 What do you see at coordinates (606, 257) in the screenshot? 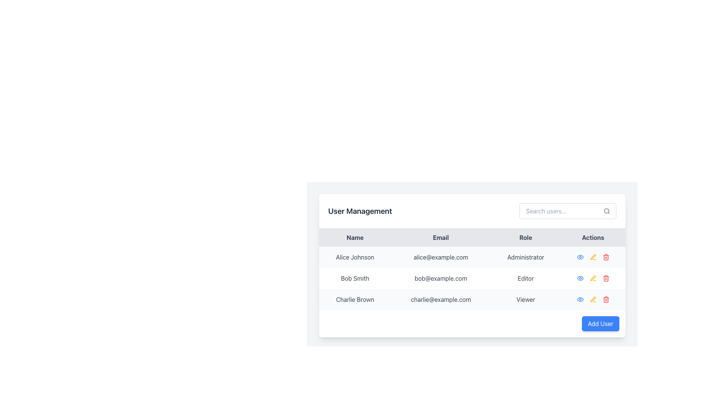
I see `the trash bin icon representing the user 'Charlie Brown' located in the 'Actions' column of the user table` at bounding box center [606, 257].